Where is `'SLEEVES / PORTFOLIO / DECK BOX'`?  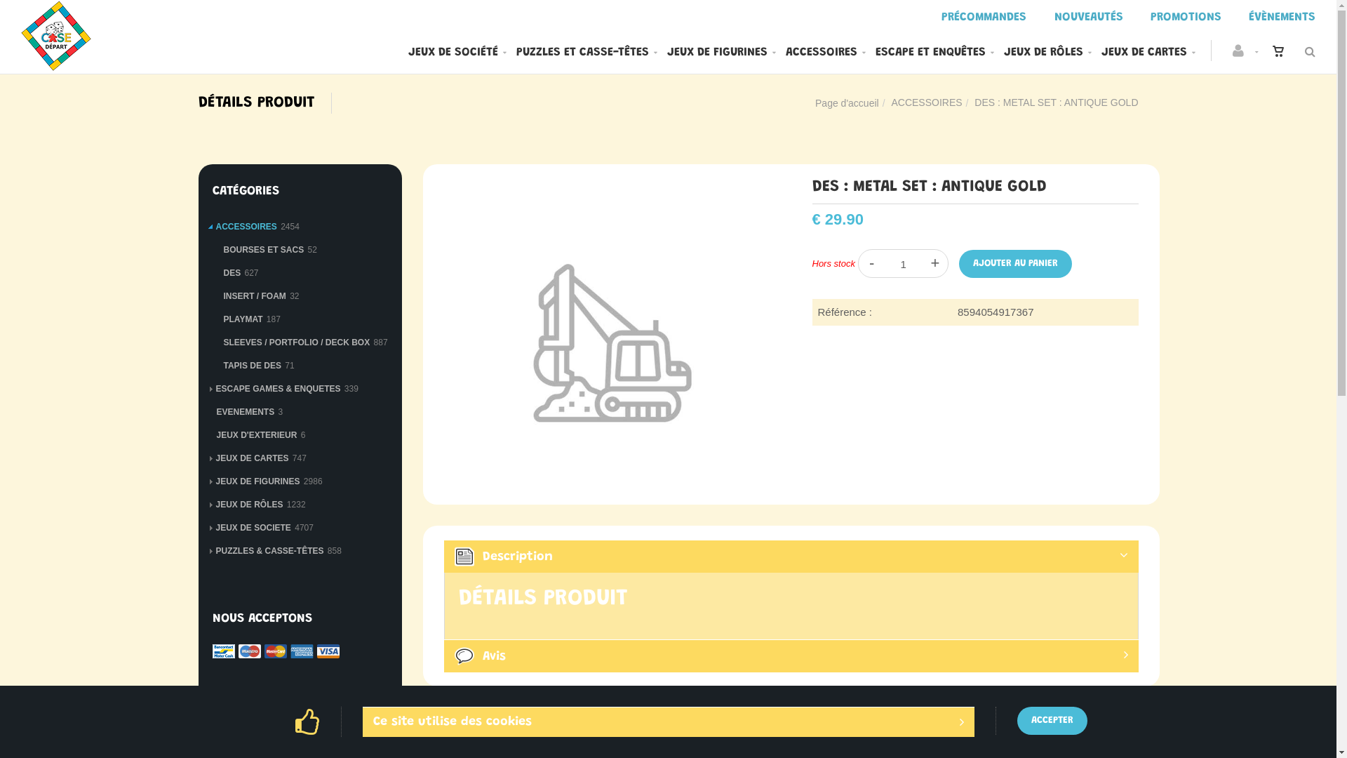
'SLEEVES / PORTFOLIO / DECK BOX' is located at coordinates (295, 343).